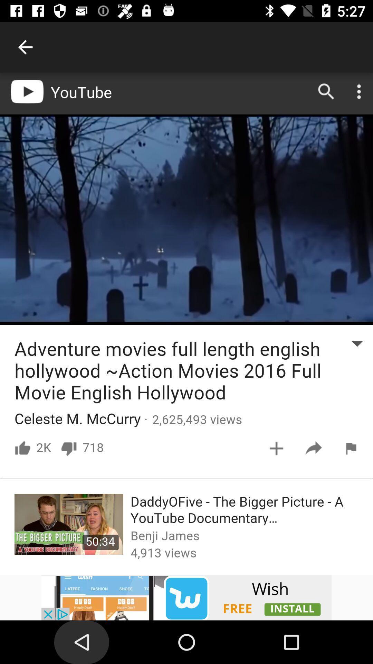 Image resolution: width=373 pixels, height=664 pixels. Describe the element at coordinates (186, 597) in the screenshot. I see `video` at that location.